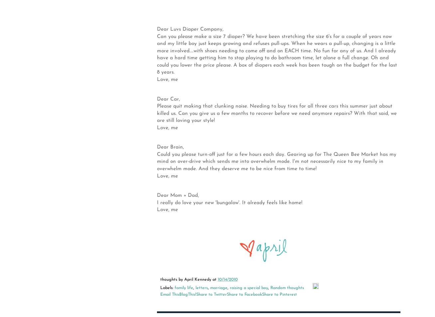  I want to click on 'Share to Pinterest', so click(261, 294).